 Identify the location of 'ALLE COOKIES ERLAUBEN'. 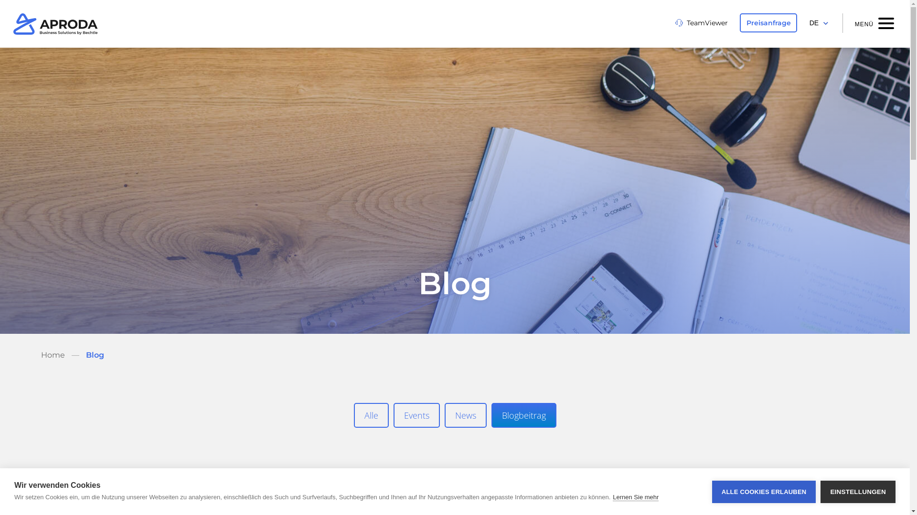
(763, 492).